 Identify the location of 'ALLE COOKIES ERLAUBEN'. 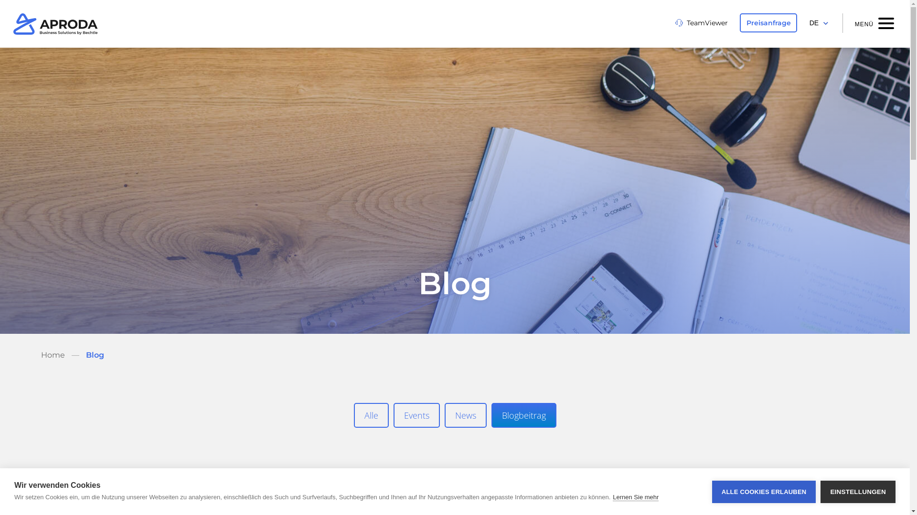
(763, 492).